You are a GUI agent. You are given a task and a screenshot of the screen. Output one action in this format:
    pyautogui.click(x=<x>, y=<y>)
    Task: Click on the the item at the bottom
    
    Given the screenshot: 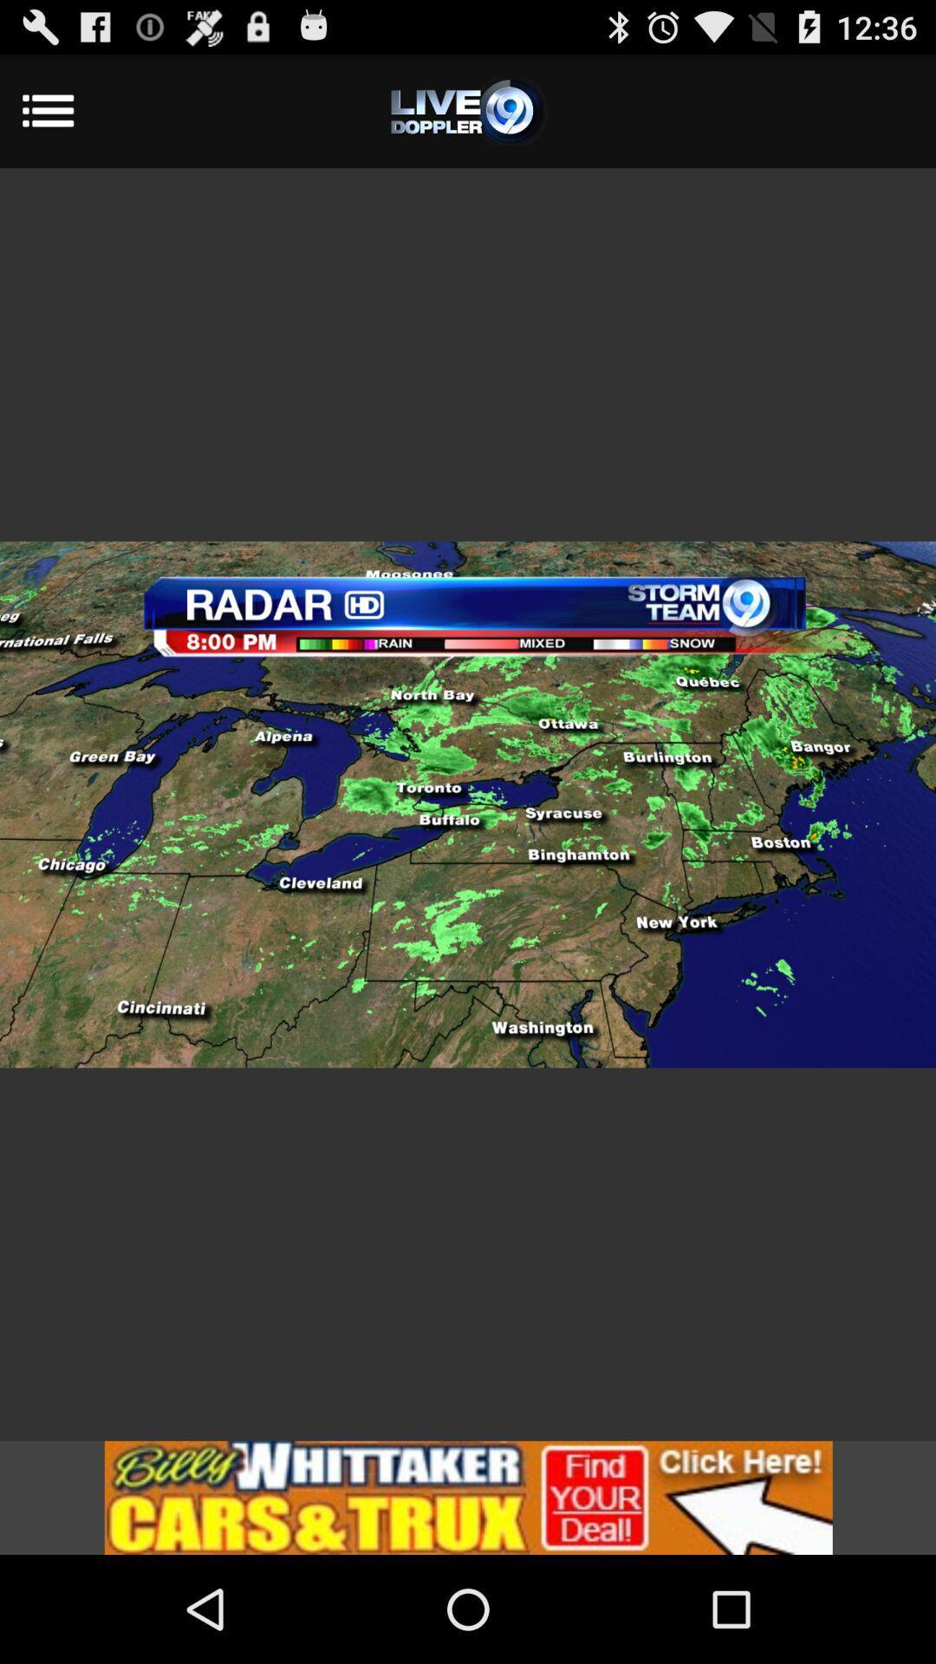 What is the action you would take?
    pyautogui.click(x=468, y=1497)
    